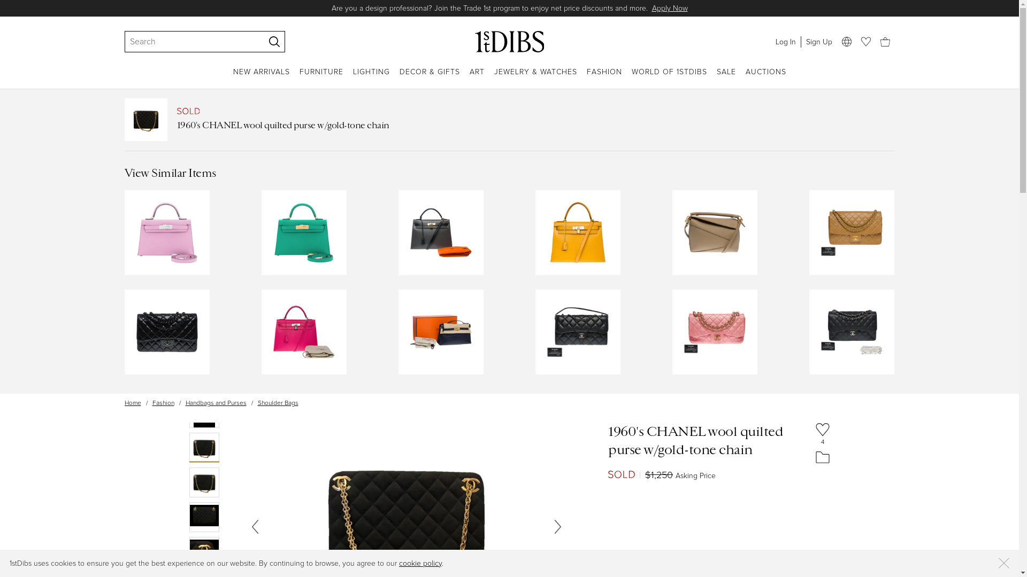 The image size is (1027, 577). I want to click on 'Details', so click(614, 8).